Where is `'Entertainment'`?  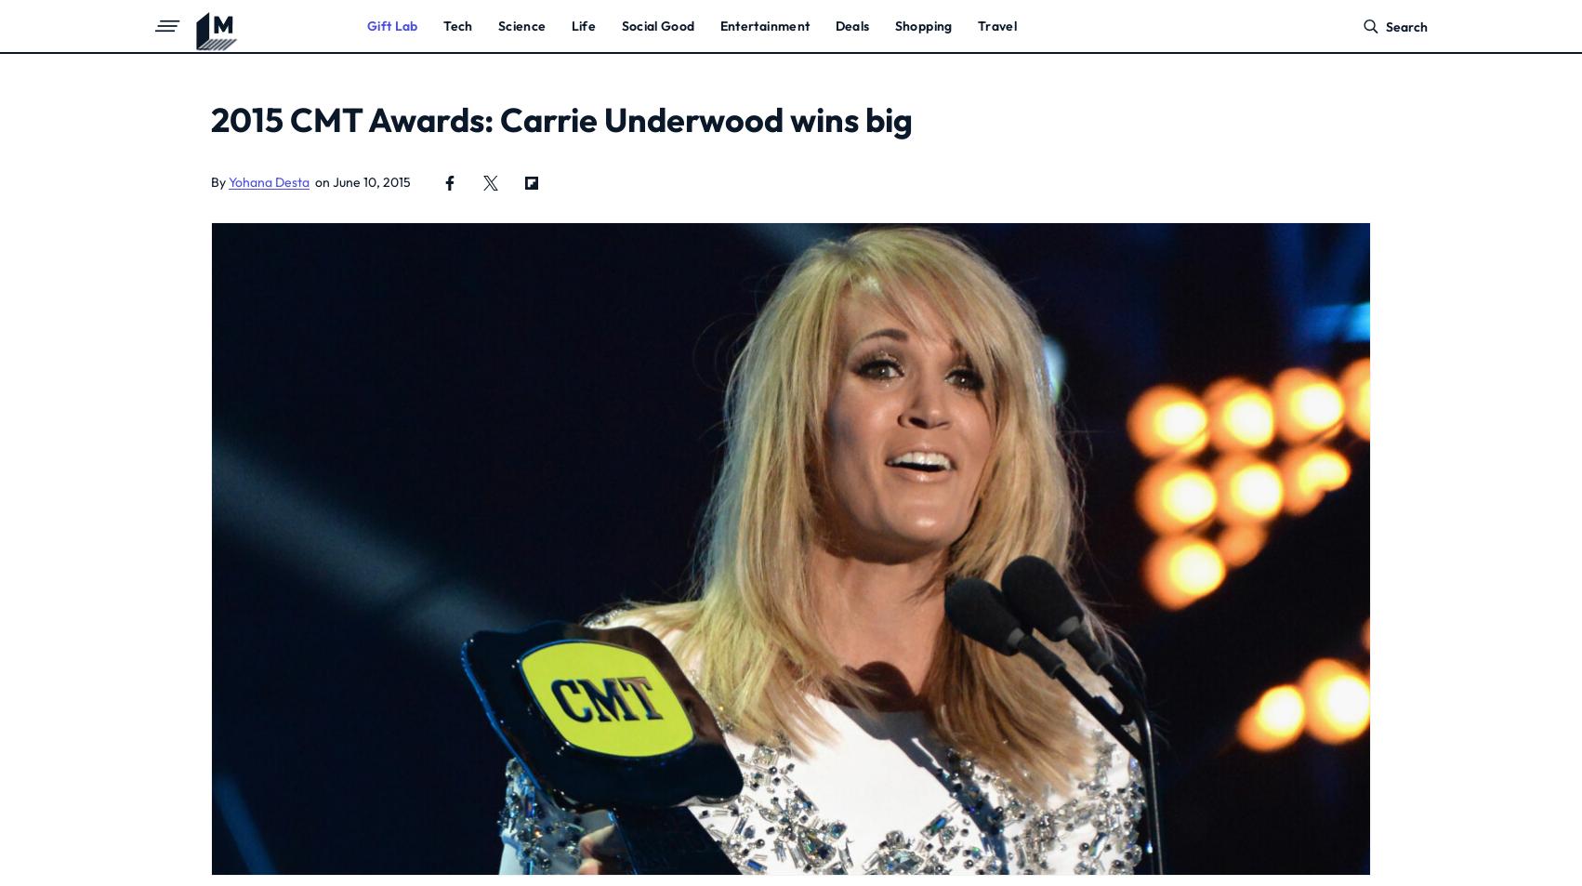
'Entertainment' is located at coordinates (763, 25).